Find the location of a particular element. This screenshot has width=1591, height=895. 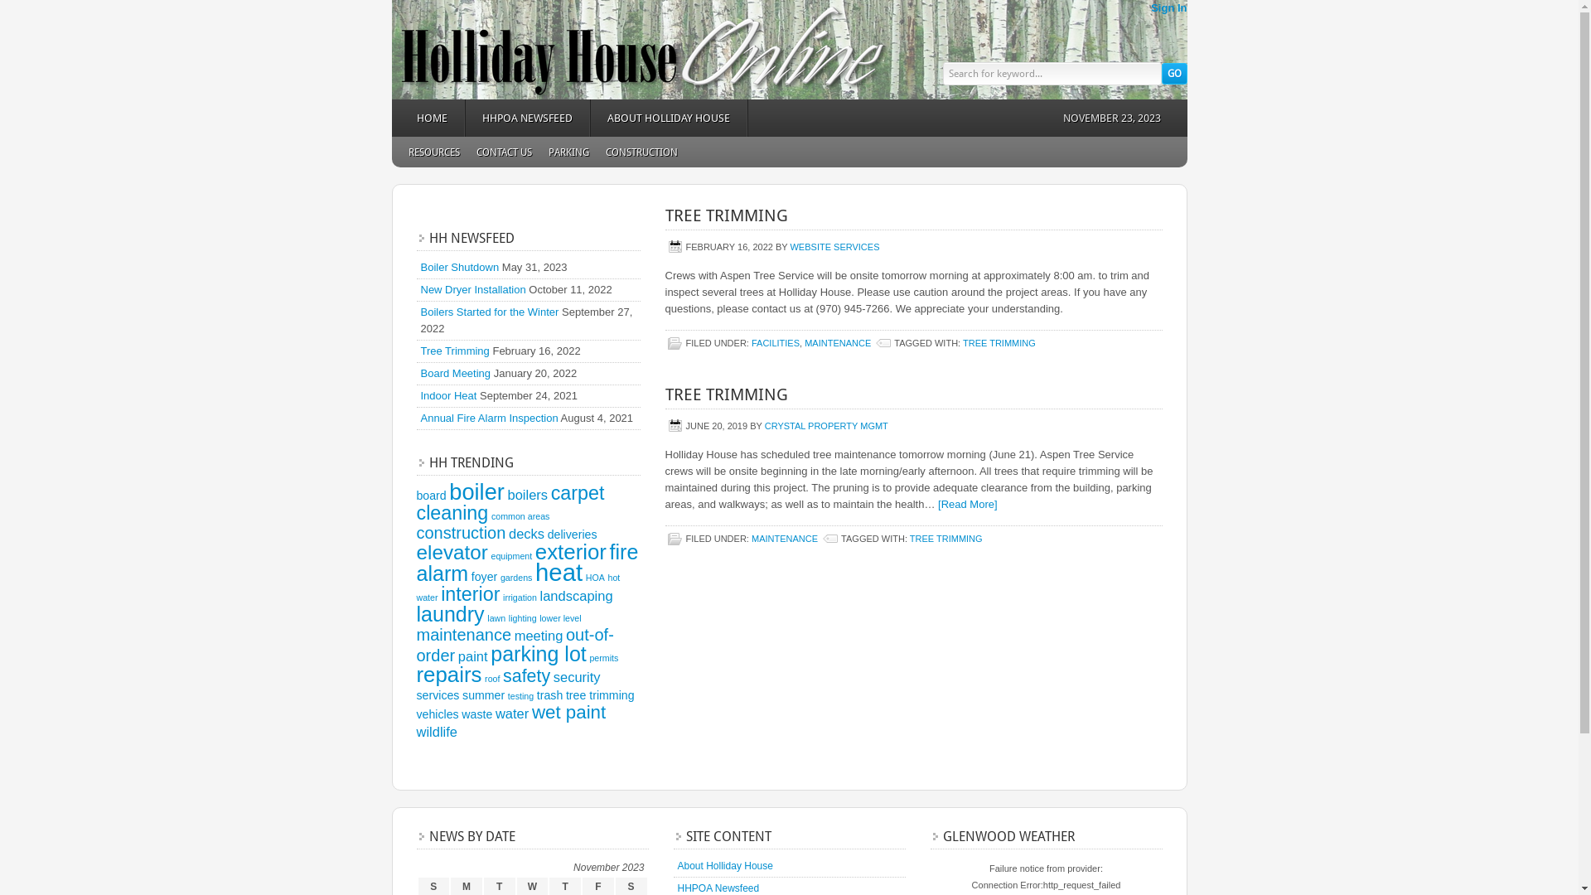

'Indoor Heat' is located at coordinates (449, 395).